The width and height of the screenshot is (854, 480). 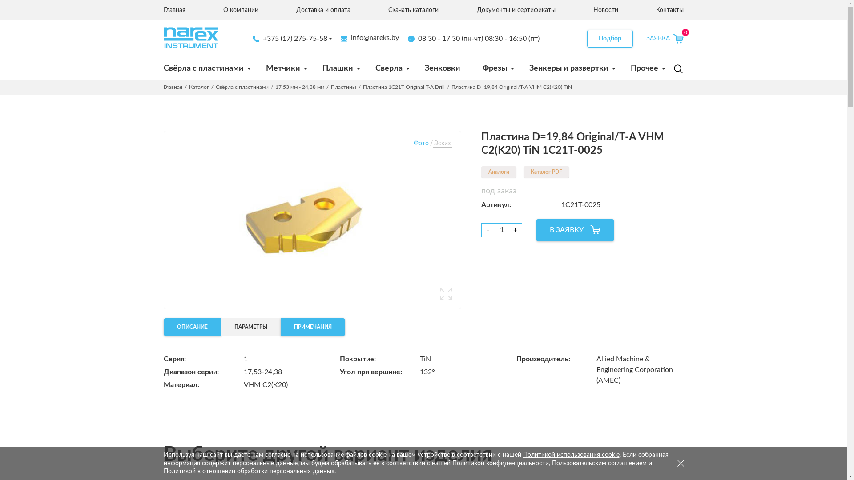 I want to click on '+375 (17) 275-75-58', so click(x=290, y=38).